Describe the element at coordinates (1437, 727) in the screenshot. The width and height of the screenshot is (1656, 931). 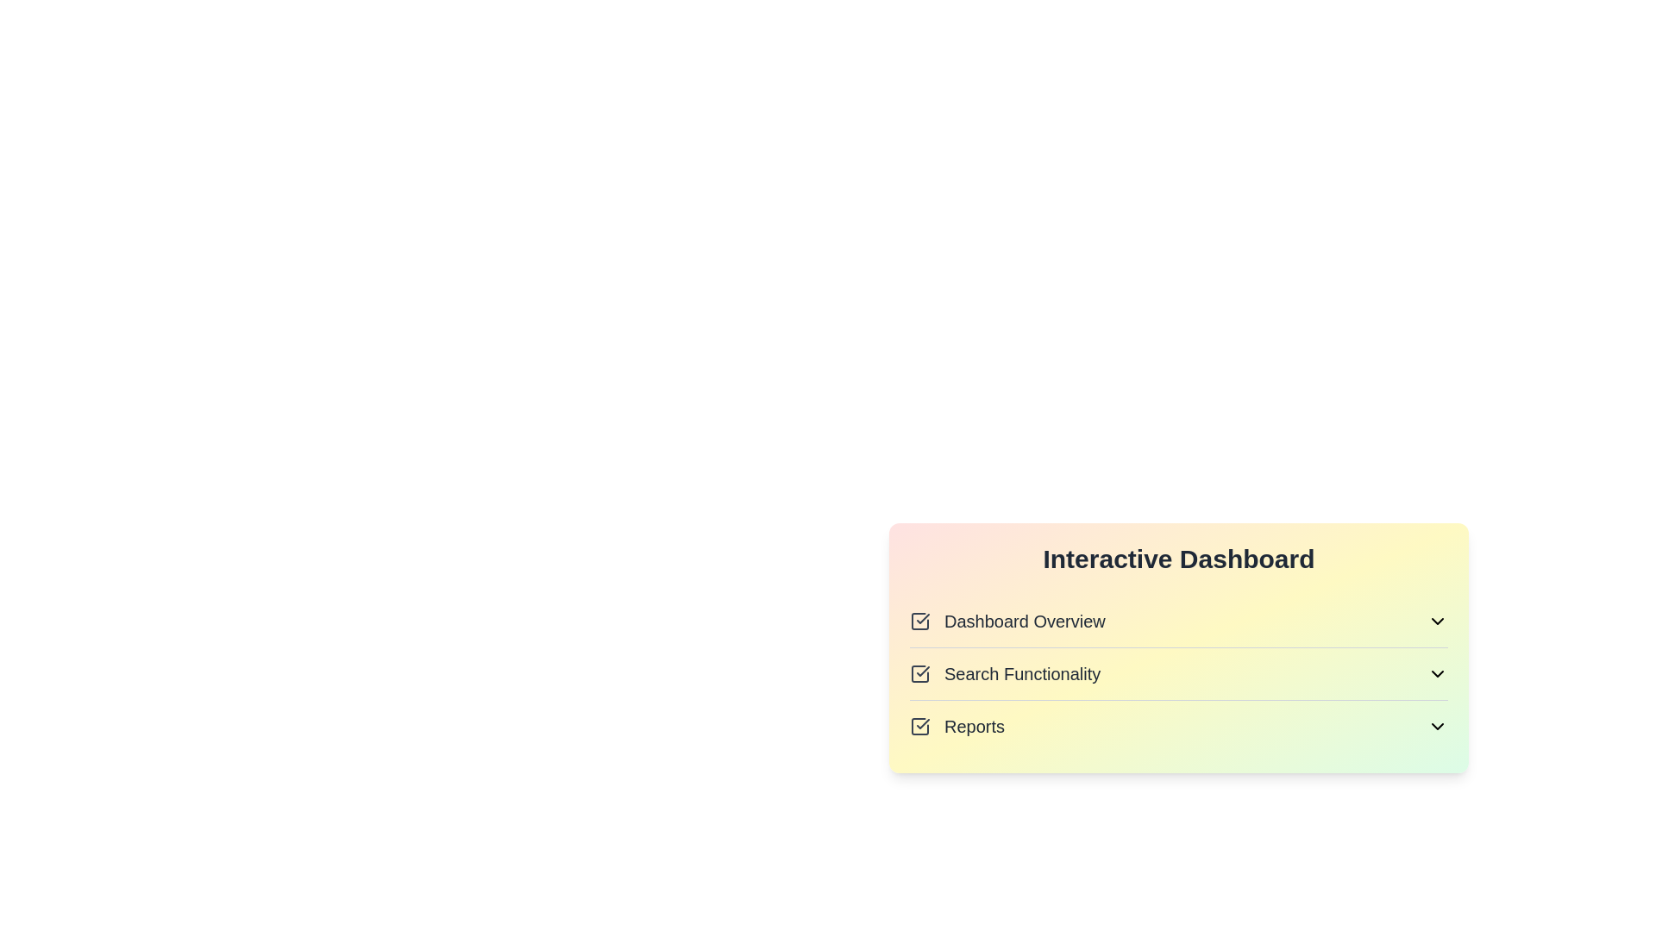
I see `the icon associated with Reports to toggle its visibility` at that location.